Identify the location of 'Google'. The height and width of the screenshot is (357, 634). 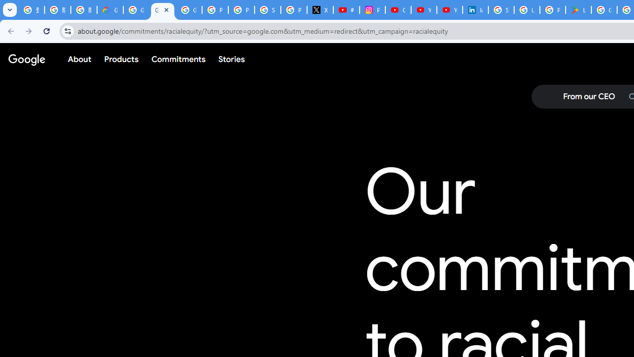
(27, 59).